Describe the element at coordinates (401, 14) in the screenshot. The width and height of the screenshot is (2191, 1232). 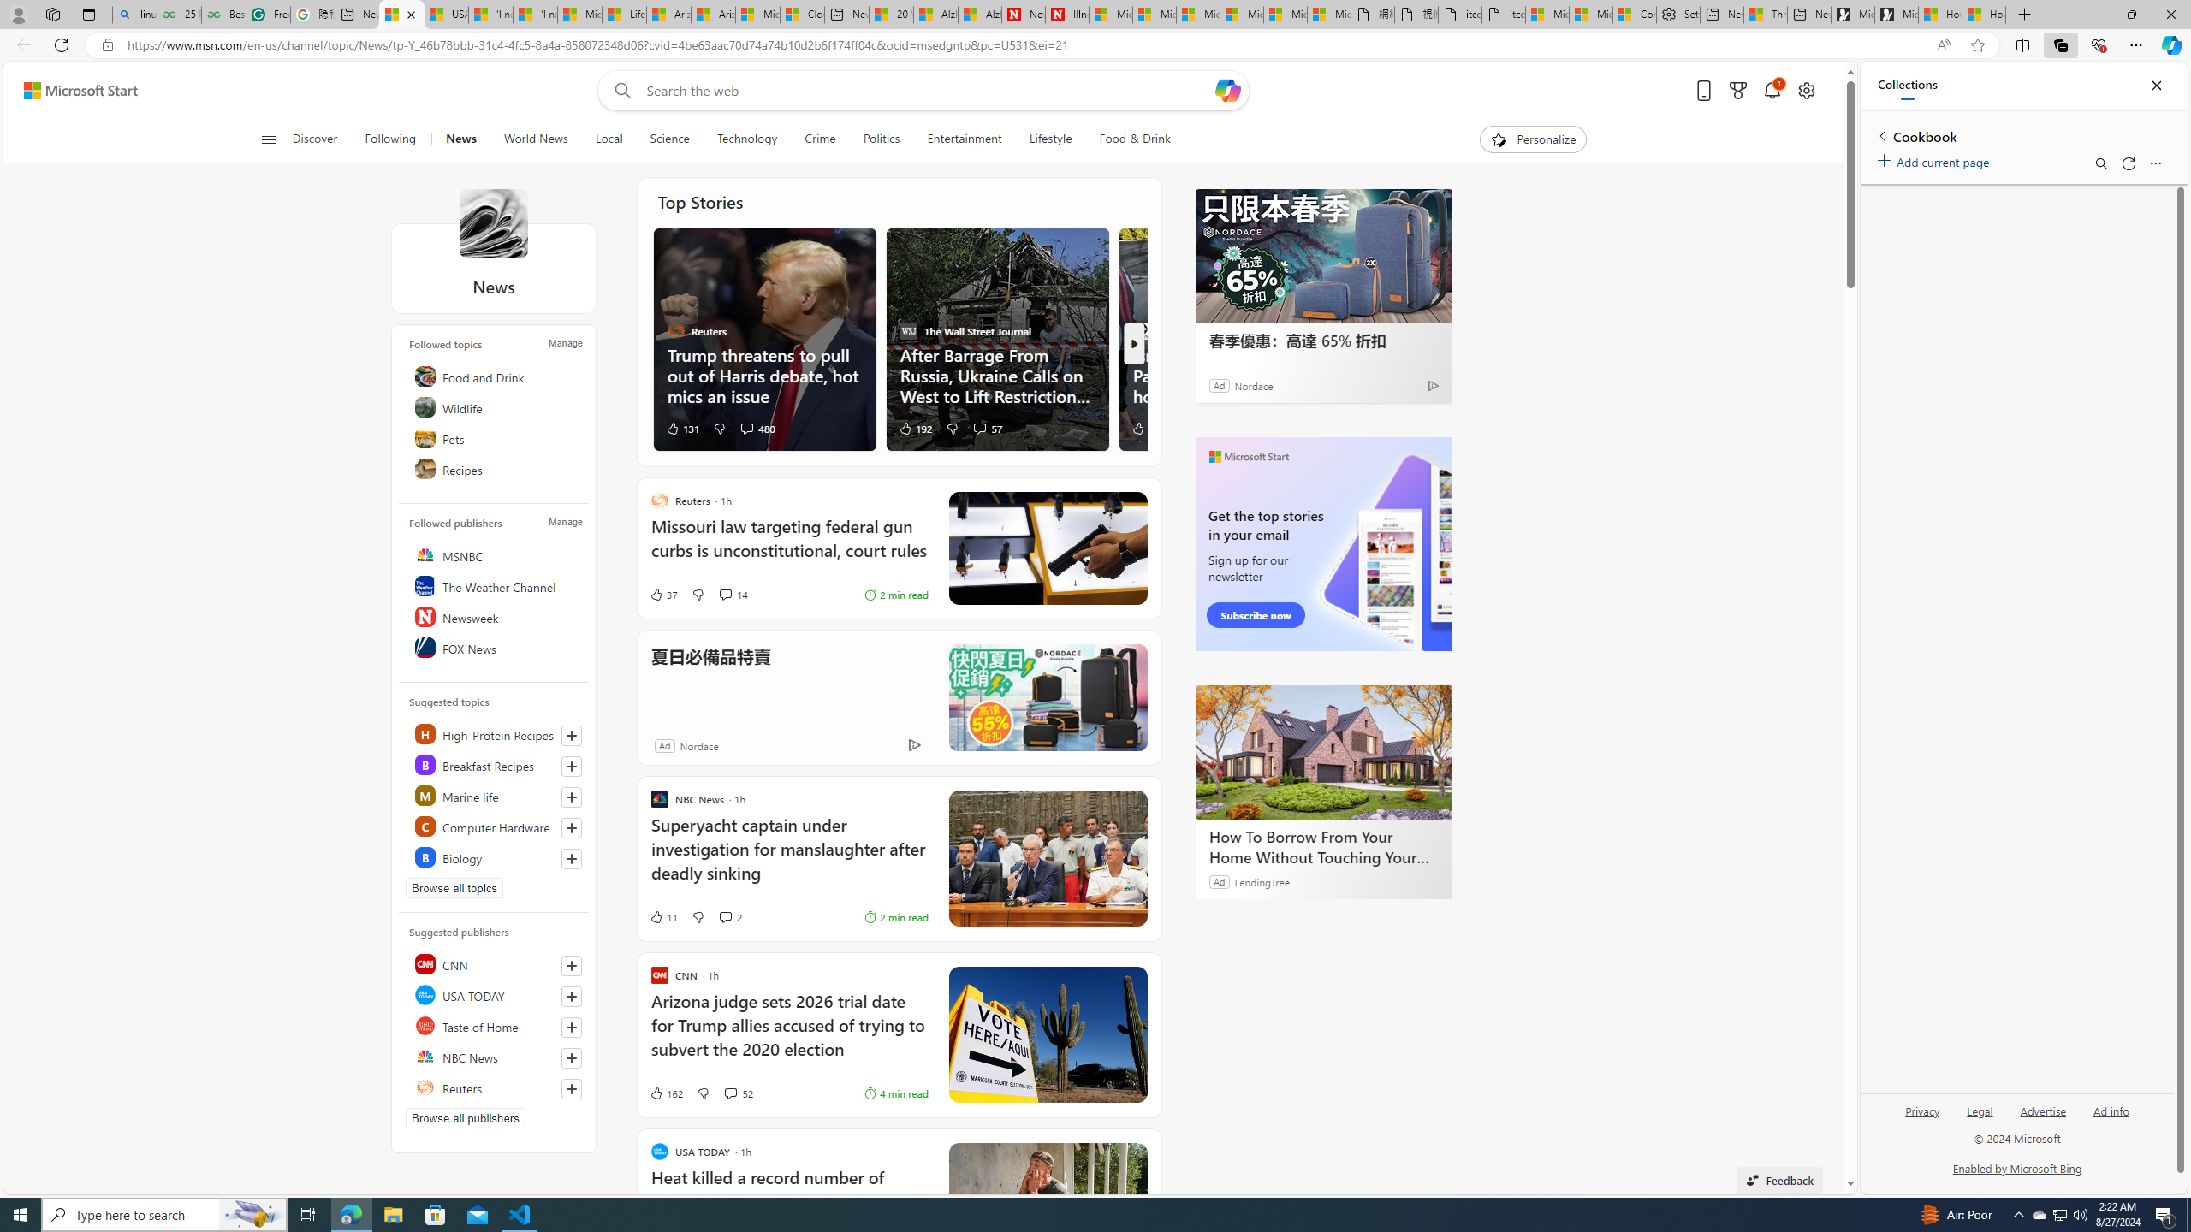
I see `'News - MSN'` at that location.